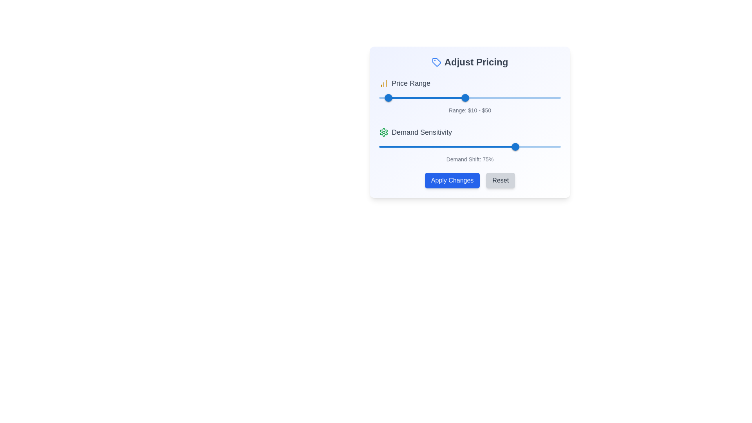  What do you see at coordinates (517, 146) in the screenshot?
I see `the Demand Sensitivity value` at bounding box center [517, 146].